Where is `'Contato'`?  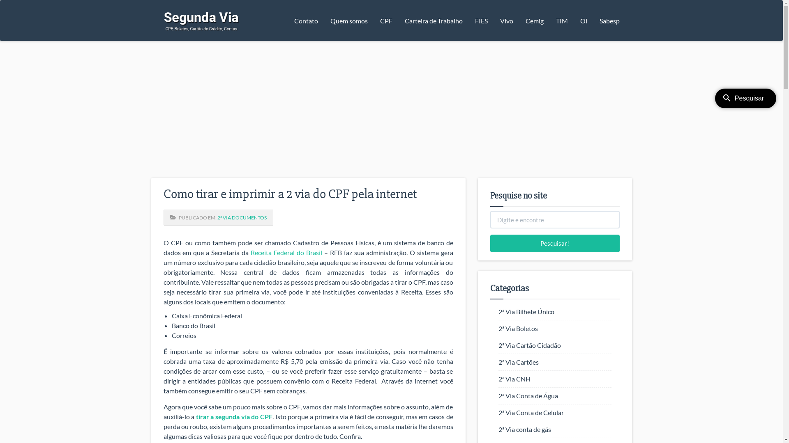 'Contato' is located at coordinates (288, 20).